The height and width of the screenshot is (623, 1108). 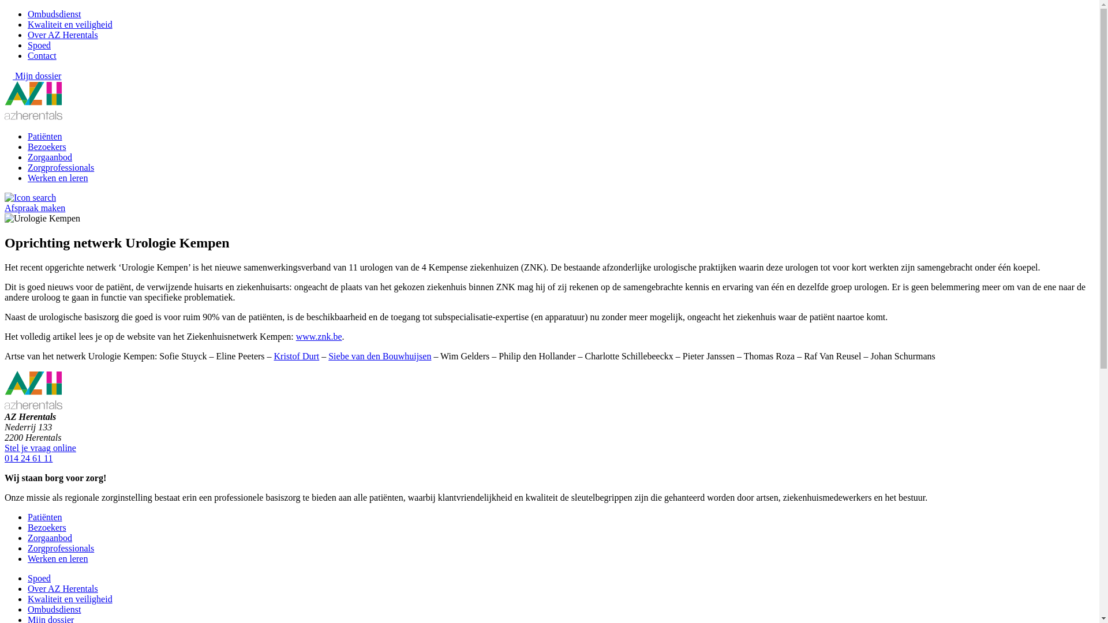 What do you see at coordinates (40, 447) in the screenshot?
I see `'Stel je vraag online'` at bounding box center [40, 447].